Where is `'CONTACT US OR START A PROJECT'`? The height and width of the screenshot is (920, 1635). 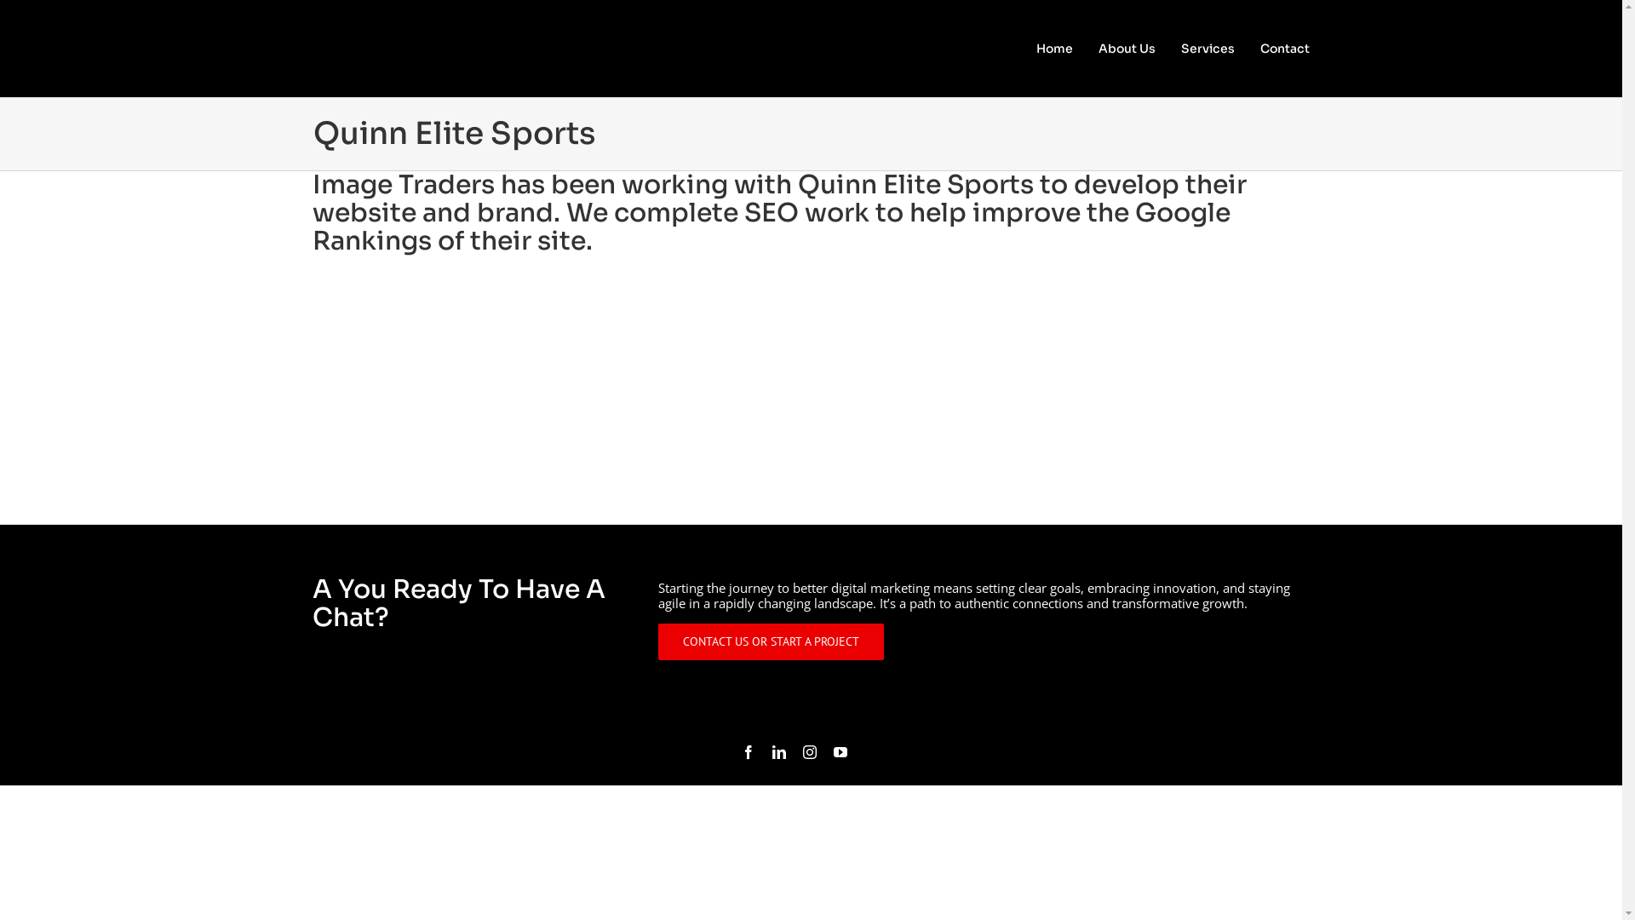 'CONTACT US OR START A PROJECT' is located at coordinates (770, 641).